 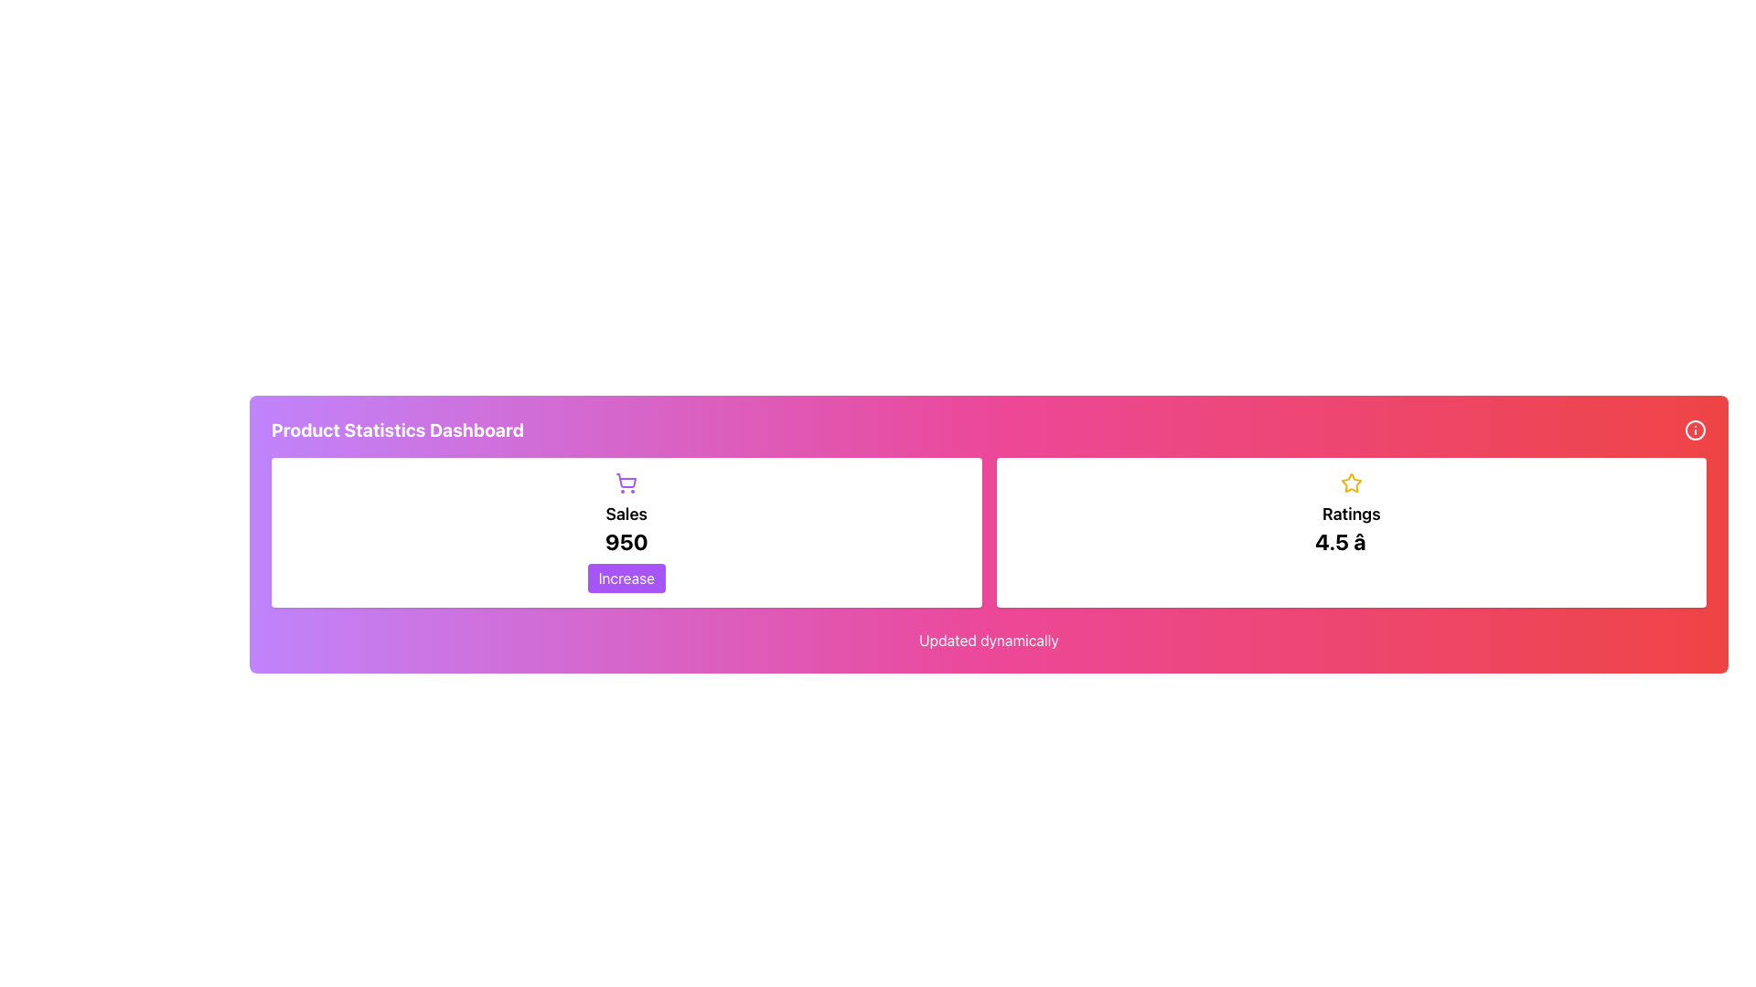 I want to click on the text label displaying the rating score '4.5 ⭐' that is styled with a bold, large font, located in the Ratings section below the 'Ratings' label and a star icon, so click(x=1351, y=541).